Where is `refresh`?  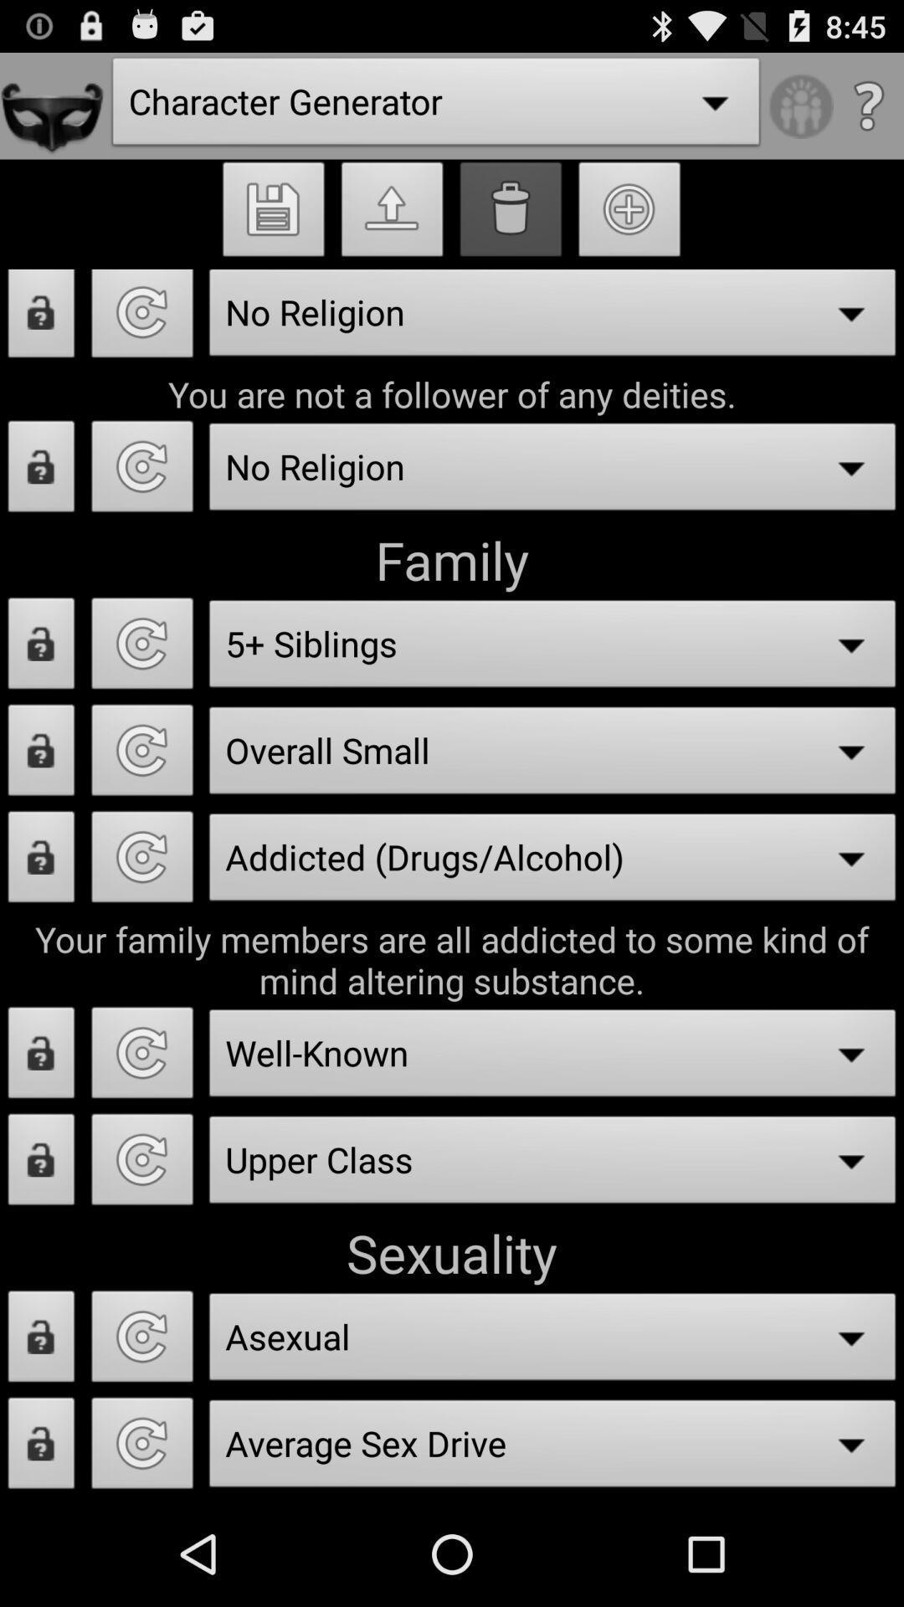
refresh is located at coordinates (141, 1341).